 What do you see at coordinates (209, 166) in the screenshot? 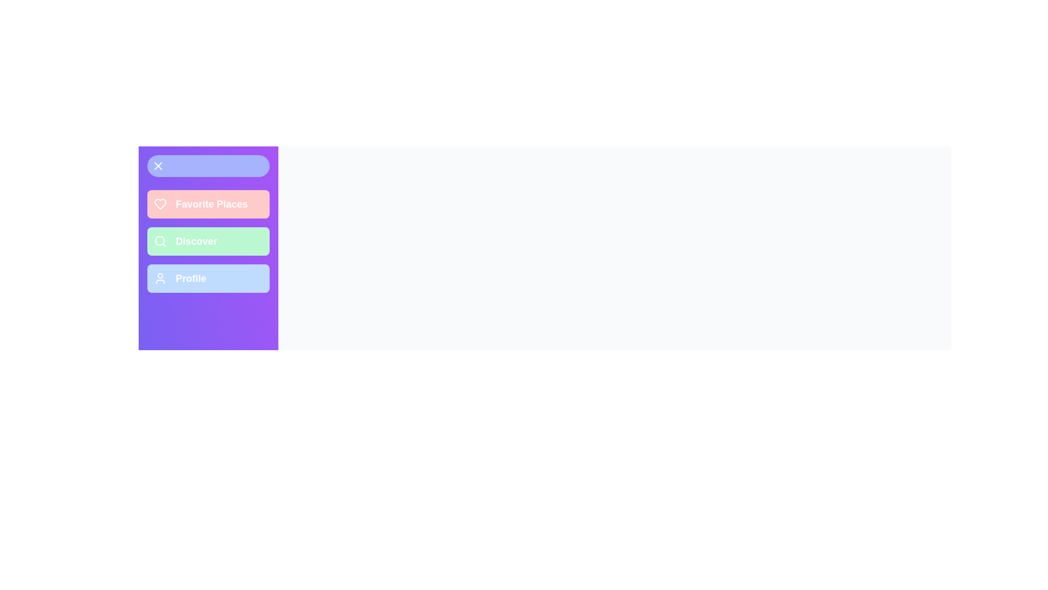
I see `button in the top-left corner to toggle the drawer` at bounding box center [209, 166].